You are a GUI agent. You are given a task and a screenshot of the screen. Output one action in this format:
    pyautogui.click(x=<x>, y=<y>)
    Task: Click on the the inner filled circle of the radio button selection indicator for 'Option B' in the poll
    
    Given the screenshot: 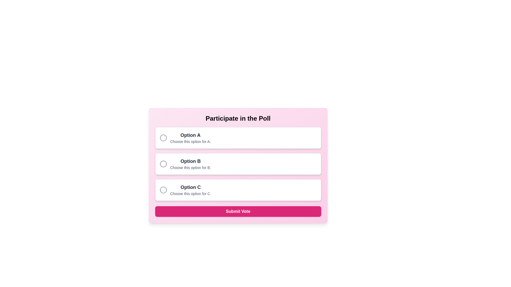 What is the action you would take?
    pyautogui.click(x=163, y=164)
    